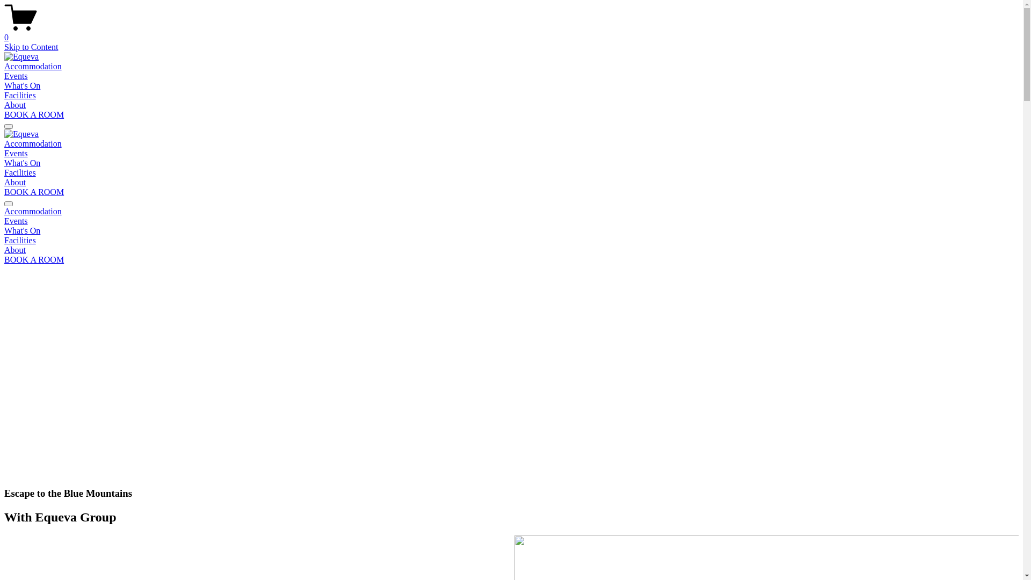 This screenshot has width=1031, height=580. Describe the element at coordinates (33, 143) in the screenshot. I see `'Accommodation'` at that location.